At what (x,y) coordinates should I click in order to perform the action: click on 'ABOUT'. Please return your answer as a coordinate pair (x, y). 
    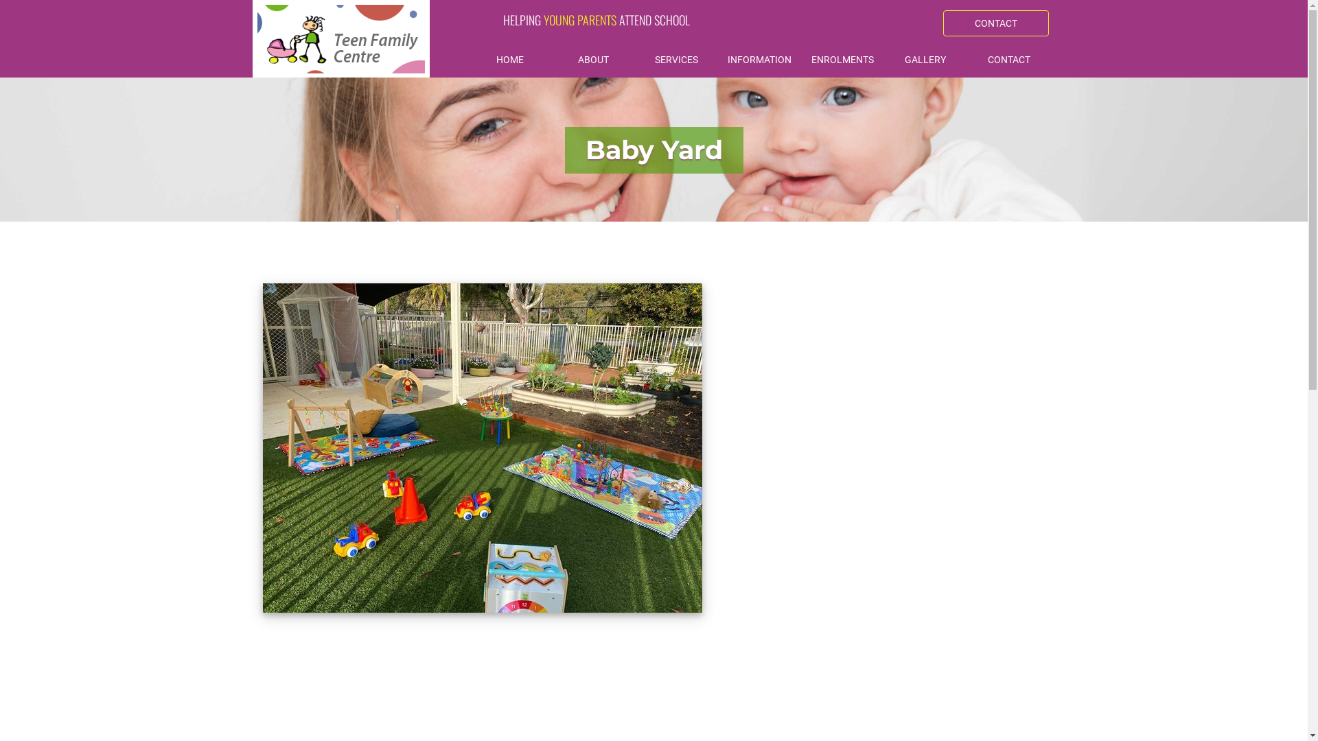
    Looking at the image, I should click on (593, 60).